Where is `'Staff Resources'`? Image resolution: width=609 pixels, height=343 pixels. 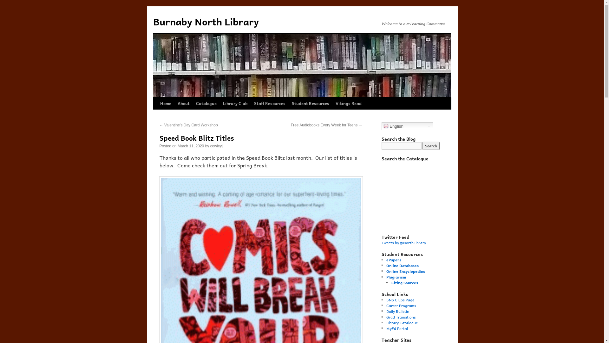
'Staff Resources' is located at coordinates (250, 103).